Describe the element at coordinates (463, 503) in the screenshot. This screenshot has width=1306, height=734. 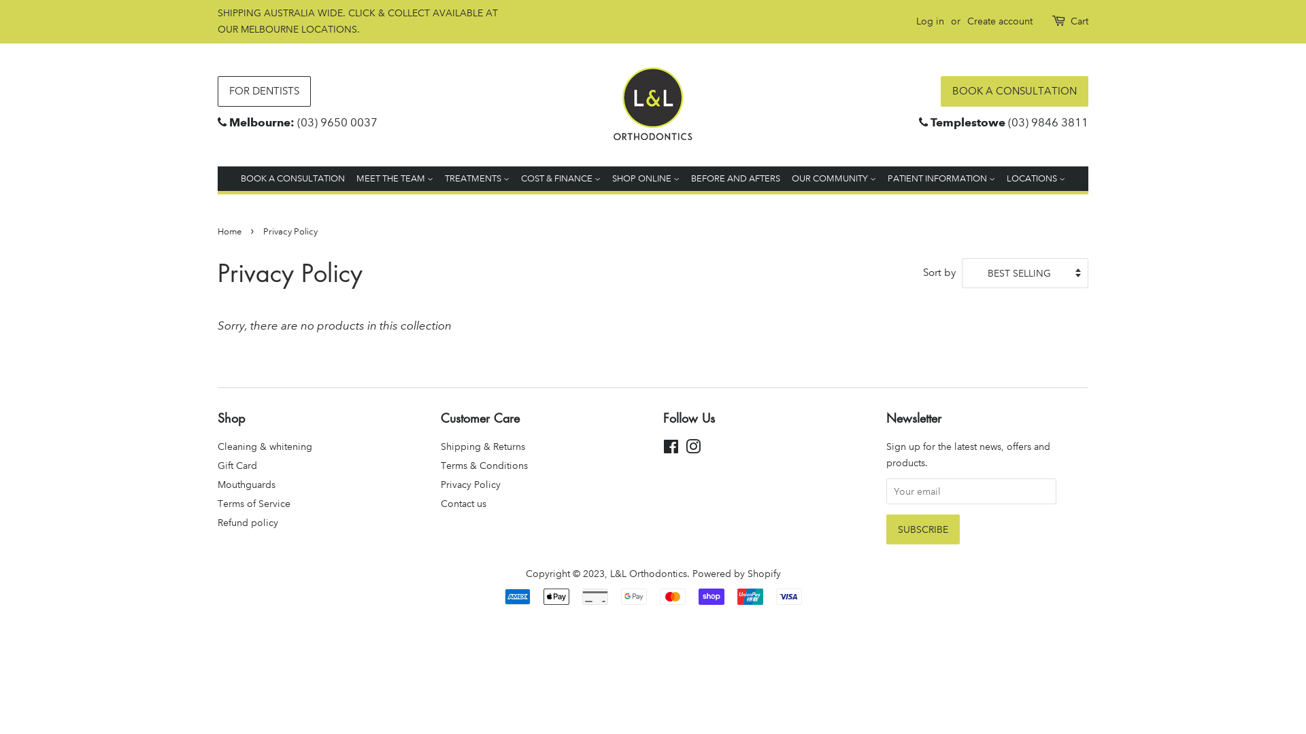
I see `'Contact us'` at that location.